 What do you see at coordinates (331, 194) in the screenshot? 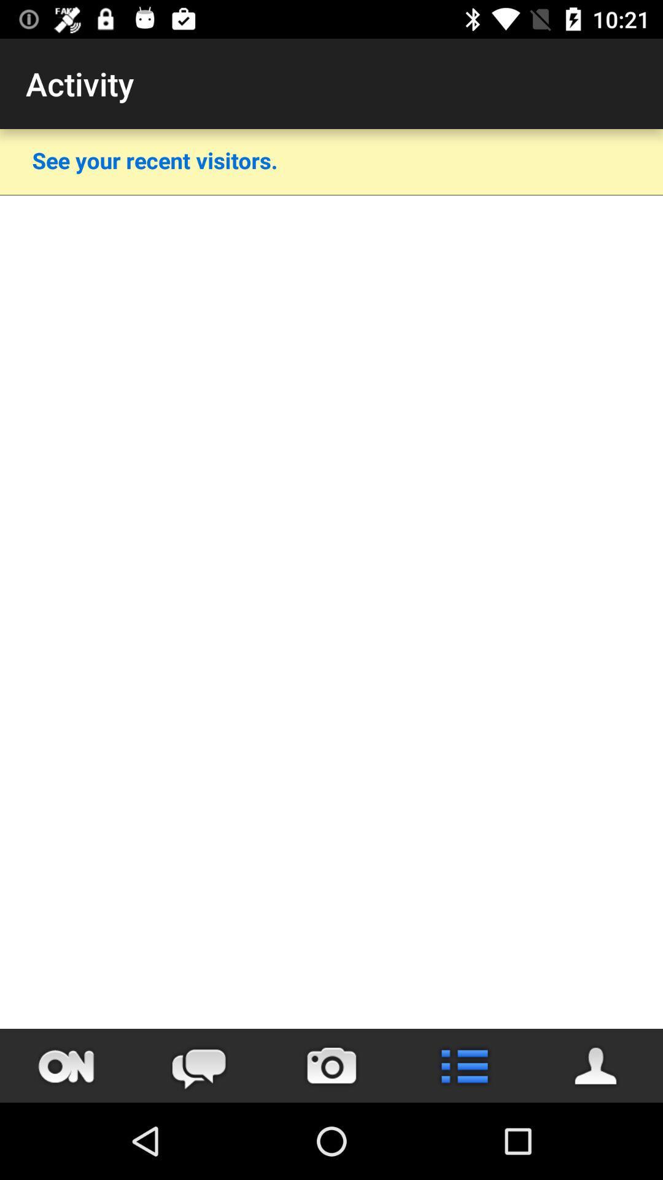
I see `item below the see your recent item` at bounding box center [331, 194].